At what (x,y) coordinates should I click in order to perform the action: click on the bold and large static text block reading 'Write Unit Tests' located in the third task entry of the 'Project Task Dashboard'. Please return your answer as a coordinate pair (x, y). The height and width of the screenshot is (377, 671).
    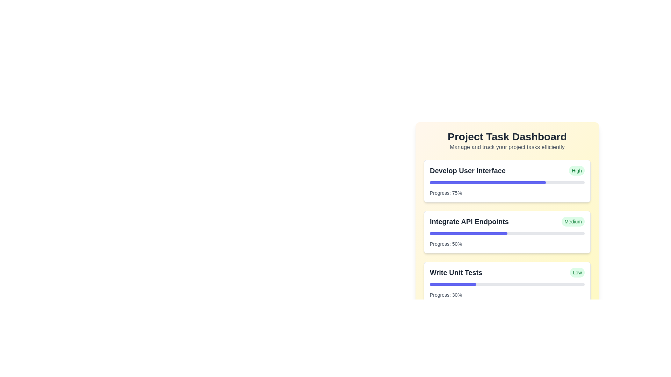
    Looking at the image, I should click on (456, 272).